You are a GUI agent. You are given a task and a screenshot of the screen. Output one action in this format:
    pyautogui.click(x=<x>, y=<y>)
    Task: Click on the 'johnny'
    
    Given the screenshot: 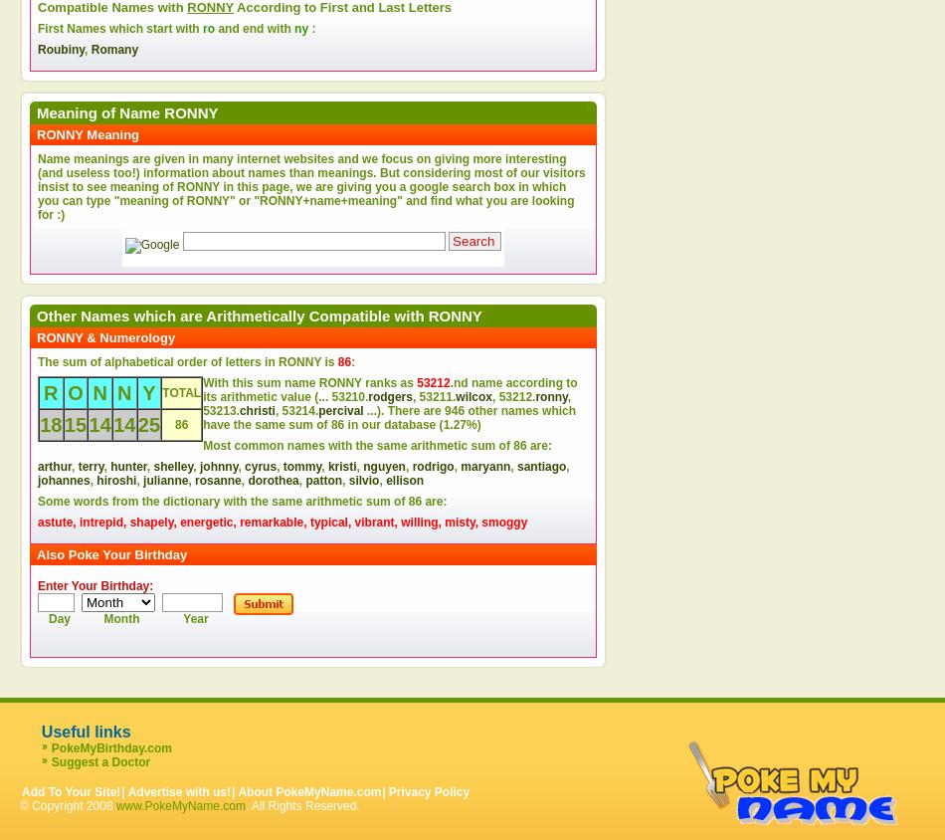 What is the action you would take?
    pyautogui.click(x=218, y=466)
    